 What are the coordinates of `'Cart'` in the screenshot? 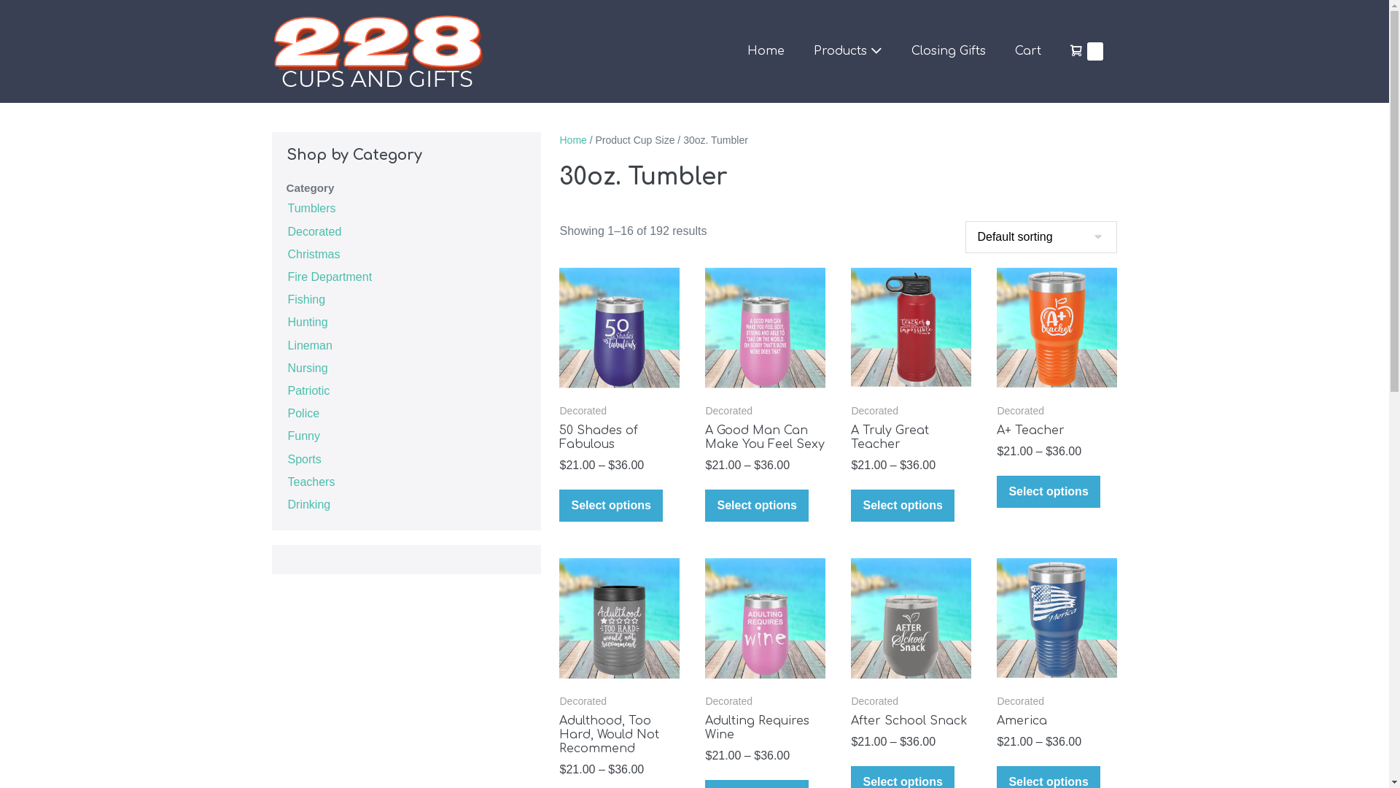 It's located at (1027, 50).